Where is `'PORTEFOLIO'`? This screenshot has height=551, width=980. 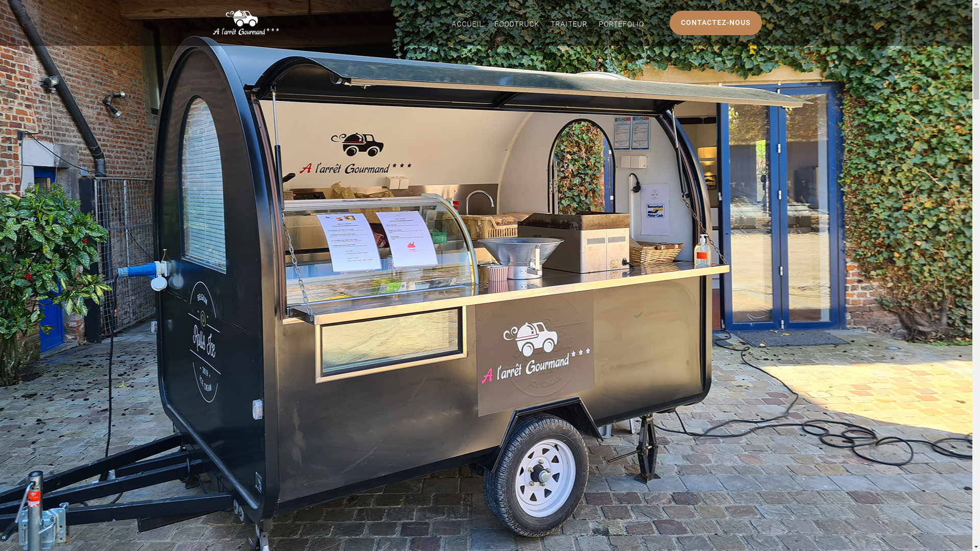 'PORTEFOLIO' is located at coordinates (620, 25).